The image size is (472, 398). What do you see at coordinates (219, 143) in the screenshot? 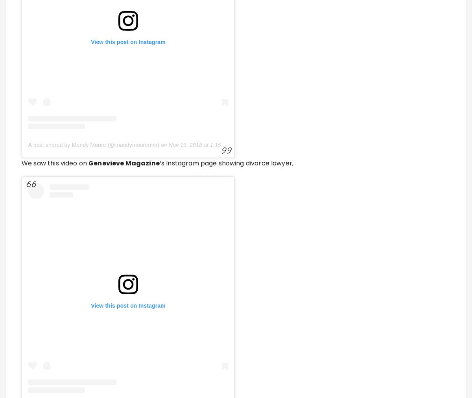
I see `'What we loved about Debbie & Femi's Green Traditional Wedding | #TheBeecrofts18'` at bounding box center [219, 143].